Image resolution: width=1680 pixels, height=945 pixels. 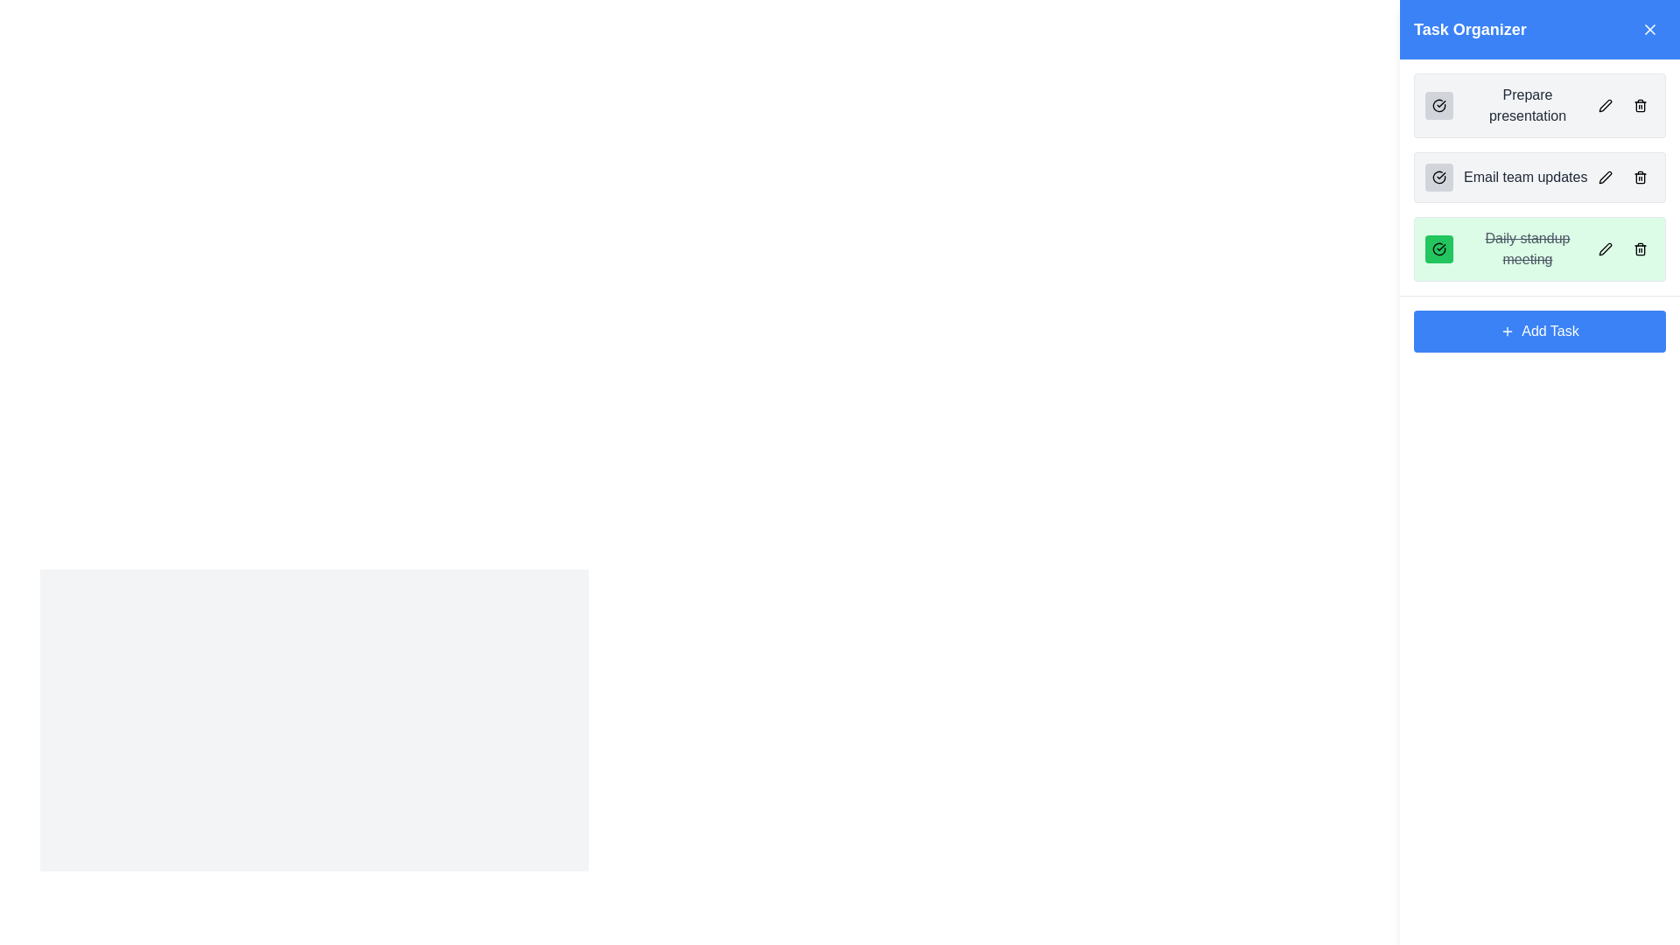 What do you see at coordinates (1605, 104) in the screenshot?
I see `the pen-shaped edit icon located in the 'Task Organizer' panel next to the task titled 'Prepare presentation'` at bounding box center [1605, 104].